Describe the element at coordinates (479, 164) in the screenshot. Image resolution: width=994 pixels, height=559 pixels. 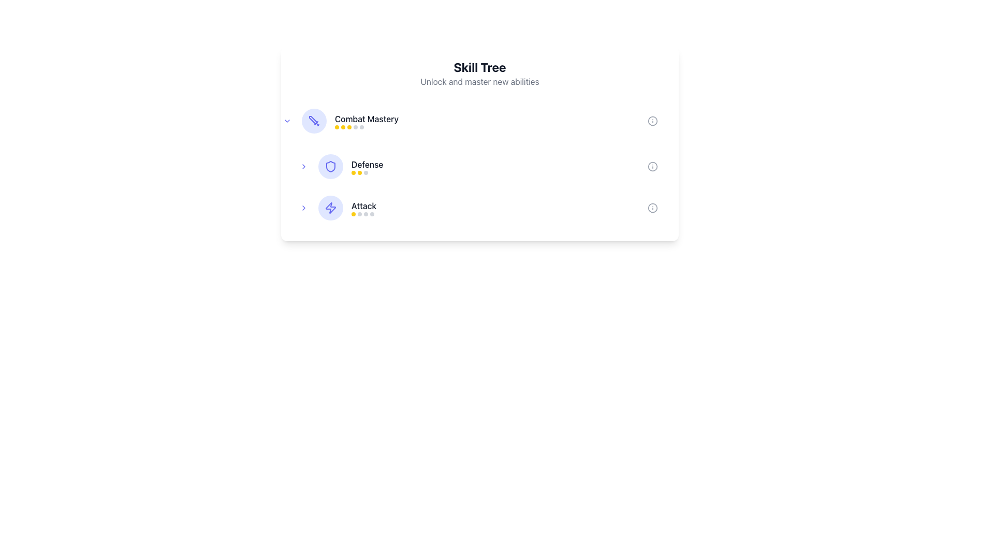
I see `the highlighted skill option in the list of skills under the 'Skill Tree' card for selection` at that location.